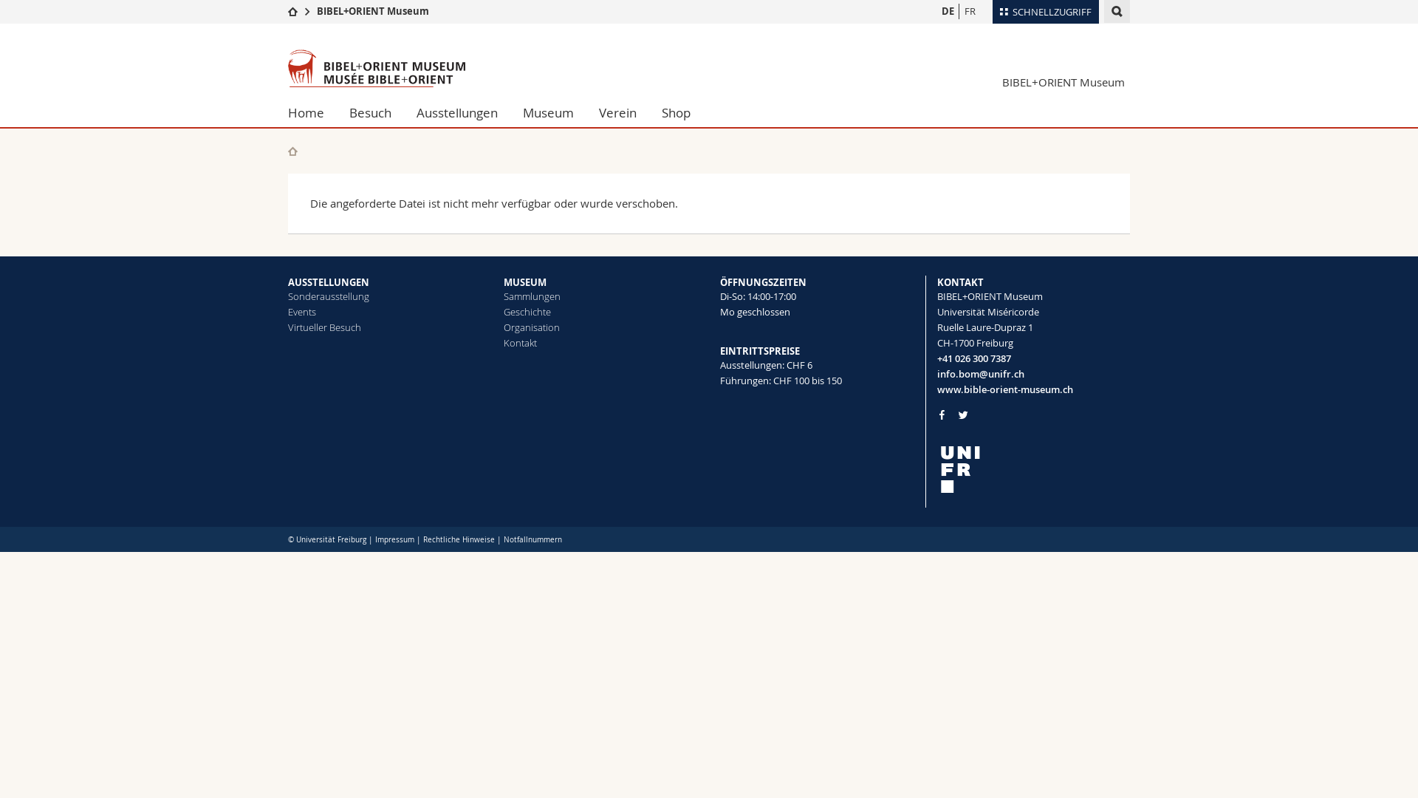  Describe the element at coordinates (970, 11) in the screenshot. I see `'FR'` at that location.